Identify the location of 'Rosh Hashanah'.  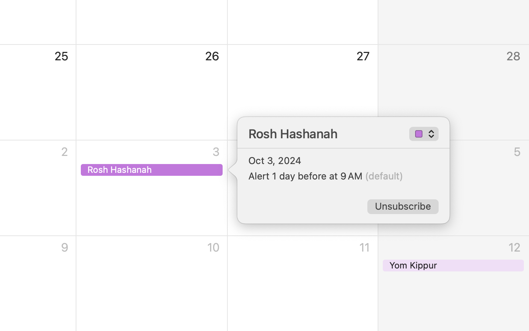
(327, 134).